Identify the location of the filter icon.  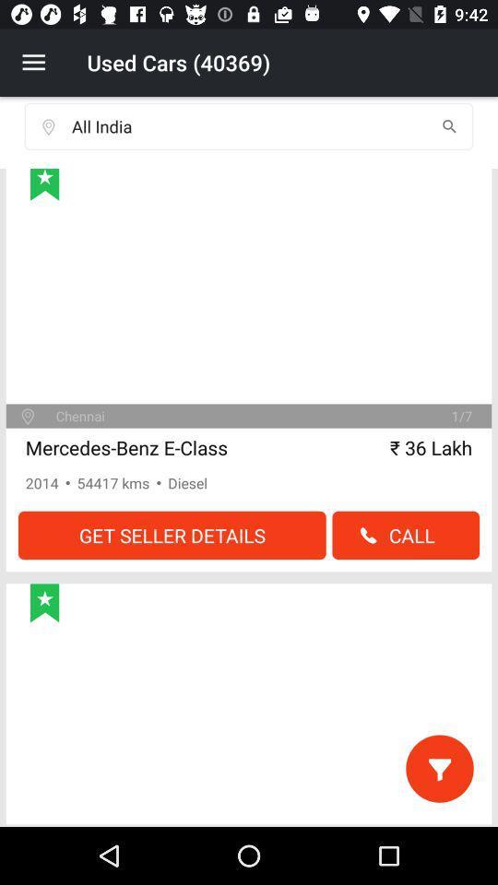
(438, 768).